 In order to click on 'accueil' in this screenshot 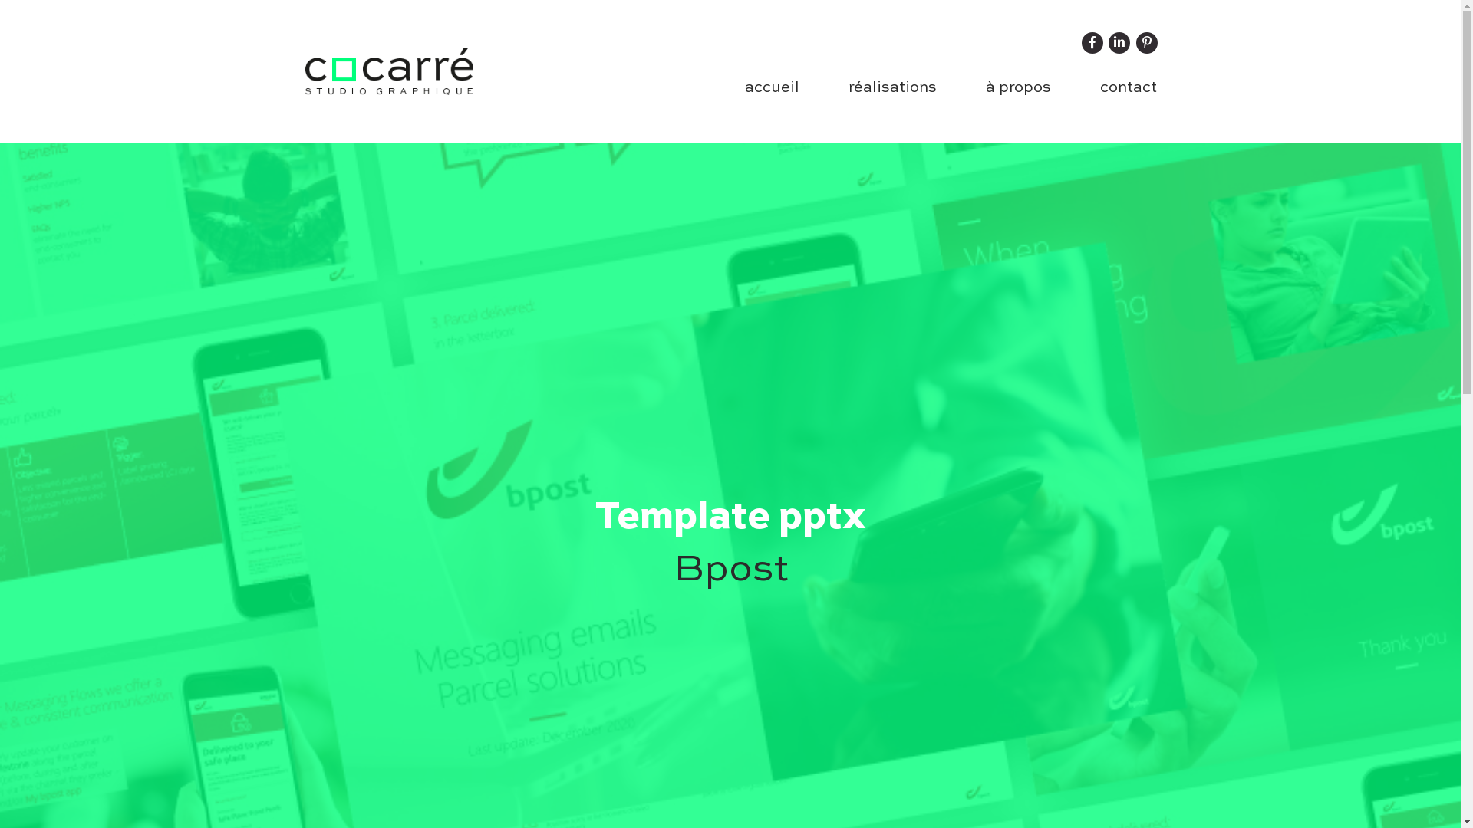, I will do `click(771, 88)`.